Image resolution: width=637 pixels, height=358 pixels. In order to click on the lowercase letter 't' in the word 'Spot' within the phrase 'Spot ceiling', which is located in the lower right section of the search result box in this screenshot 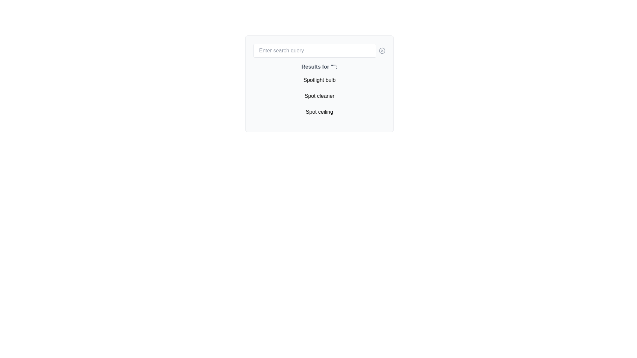, I will do `click(316, 111)`.